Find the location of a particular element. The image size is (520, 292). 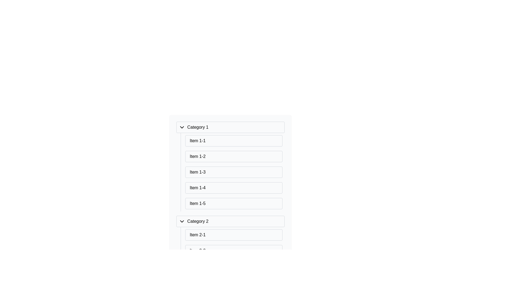

the chevron-down icon is located at coordinates (182, 127).